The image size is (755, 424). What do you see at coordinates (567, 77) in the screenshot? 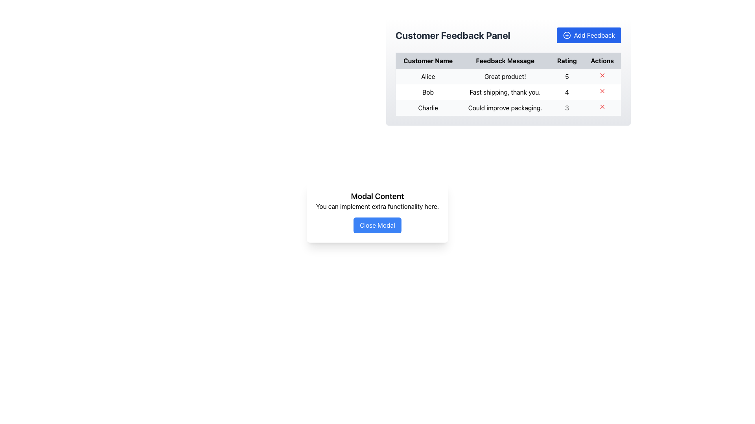
I see `the label representing the numeric rating given by user 'Alice' in the Customer Feedback Panel, located in the third column of the first row of the table` at bounding box center [567, 77].